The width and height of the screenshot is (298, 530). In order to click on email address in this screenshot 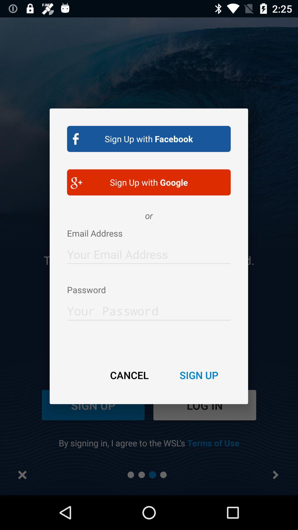, I will do `click(148, 252)`.